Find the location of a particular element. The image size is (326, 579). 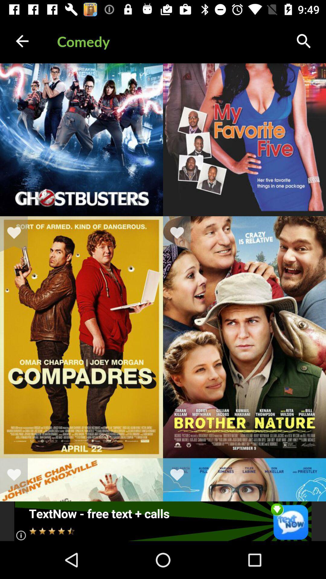

give like is located at coordinates (181, 476).